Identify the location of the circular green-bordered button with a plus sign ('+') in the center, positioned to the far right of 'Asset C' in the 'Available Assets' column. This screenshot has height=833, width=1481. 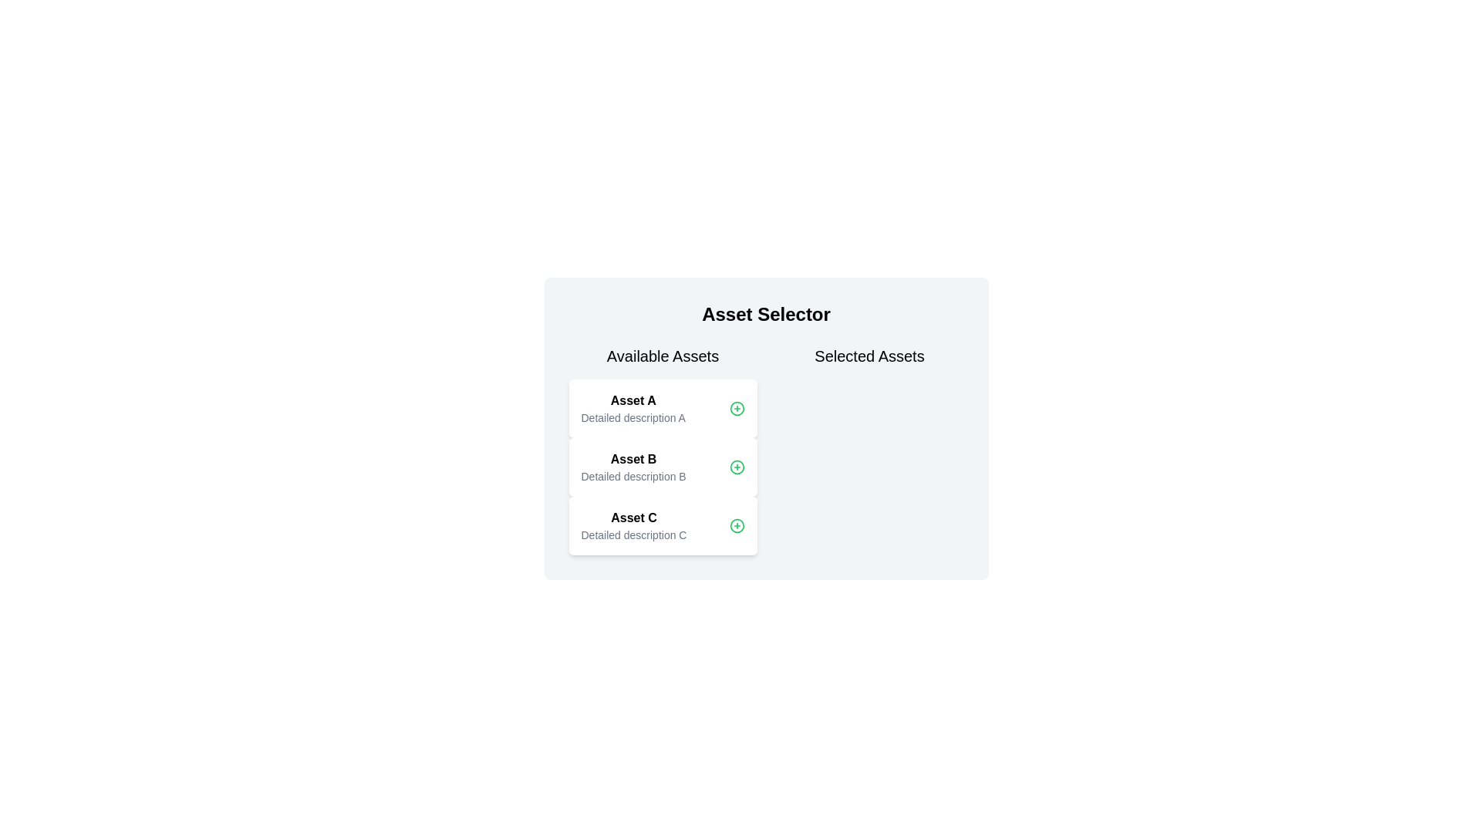
(736, 525).